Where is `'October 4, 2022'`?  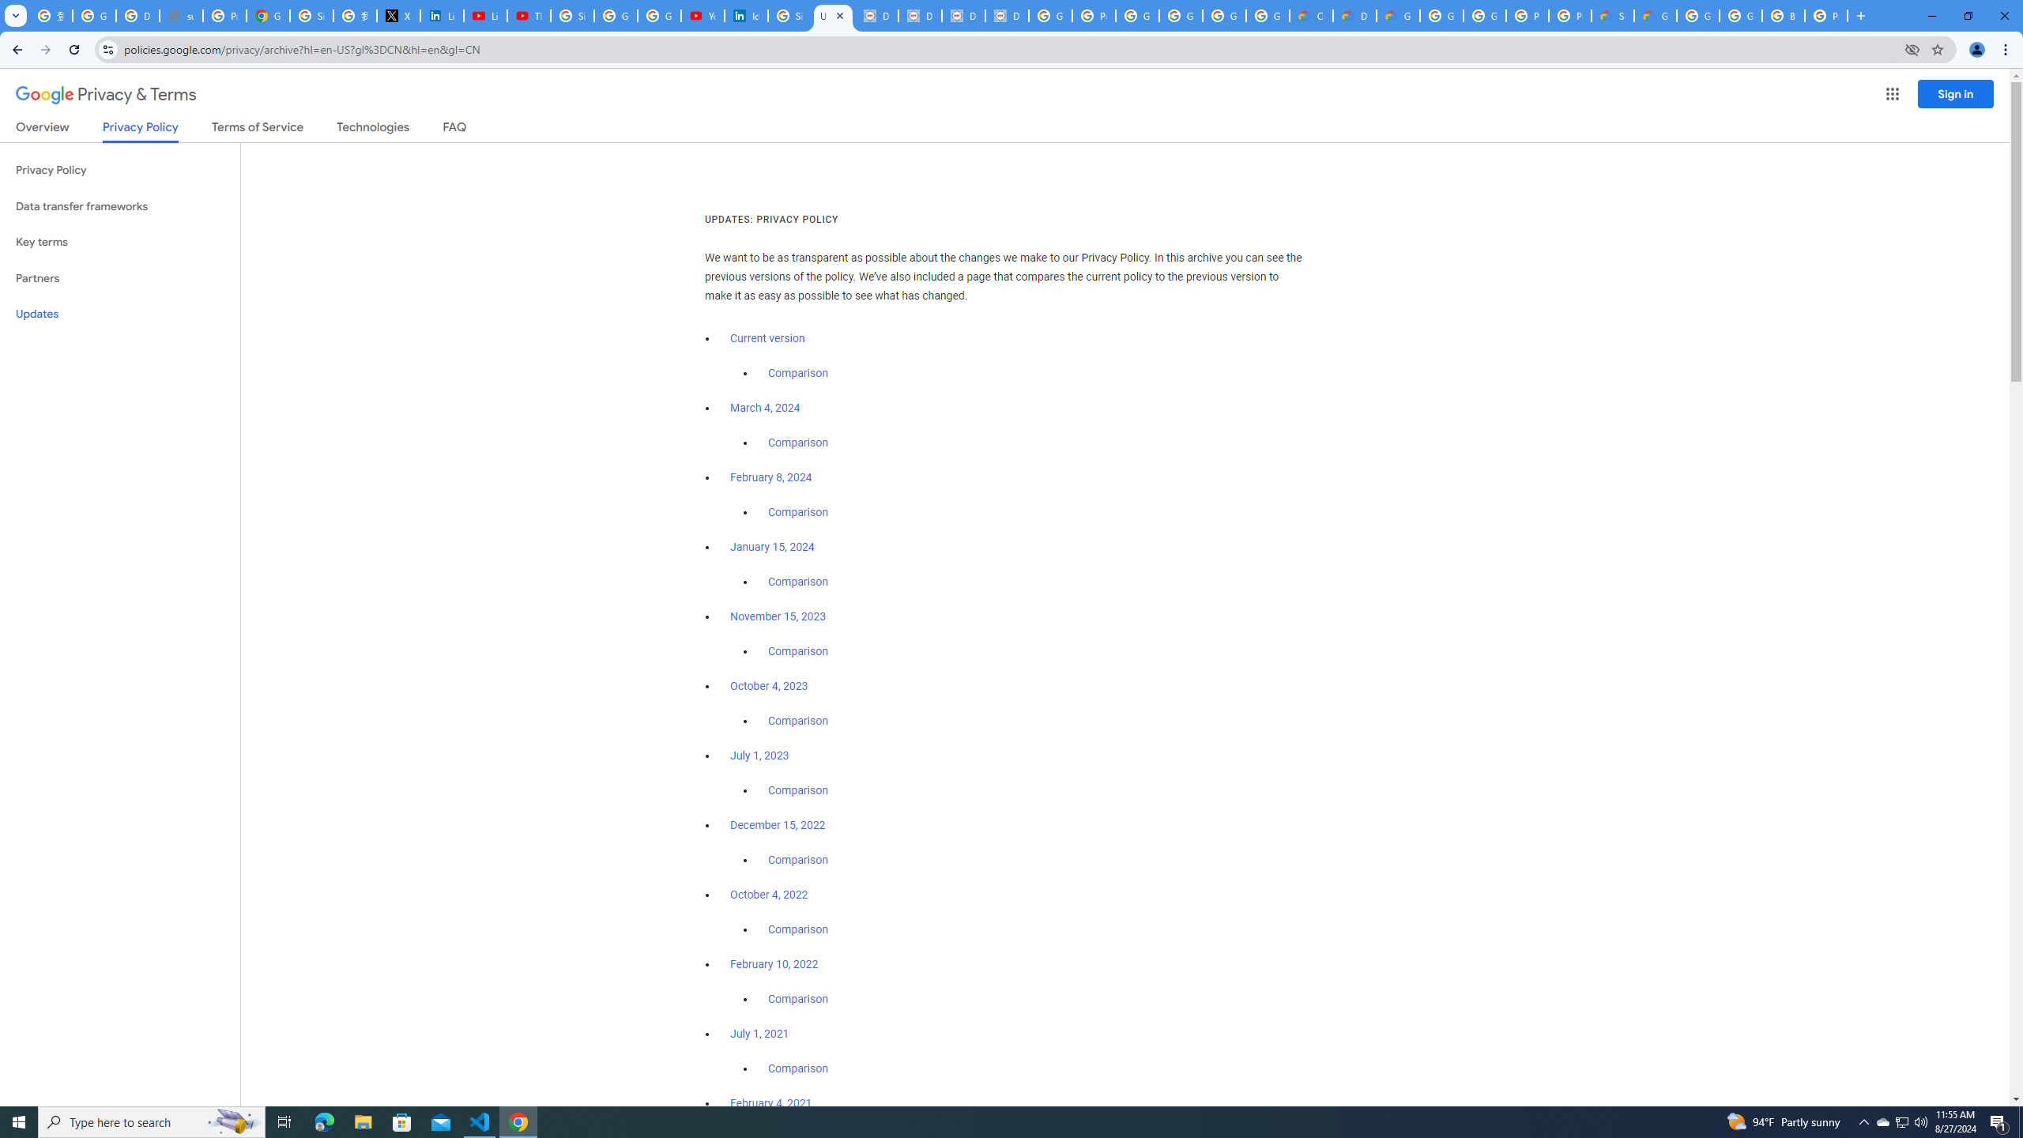
'October 4, 2022' is located at coordinates (770, 893).